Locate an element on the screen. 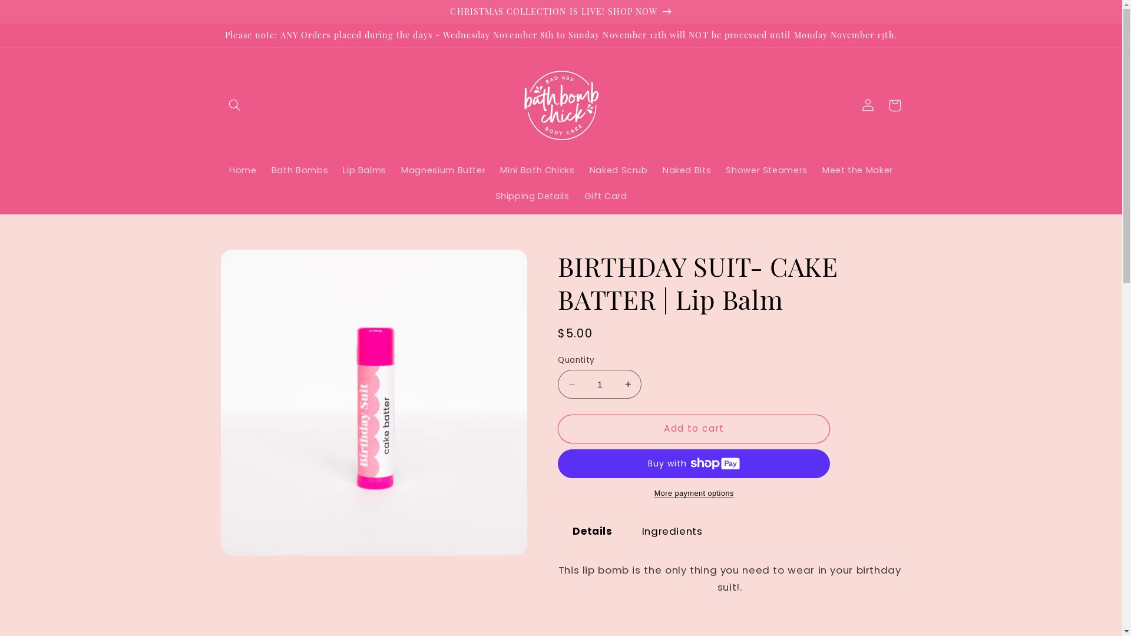 The height and width of the screenshot is (636, 1131). 'Naked Bits' is located at coordinates (687, 170).